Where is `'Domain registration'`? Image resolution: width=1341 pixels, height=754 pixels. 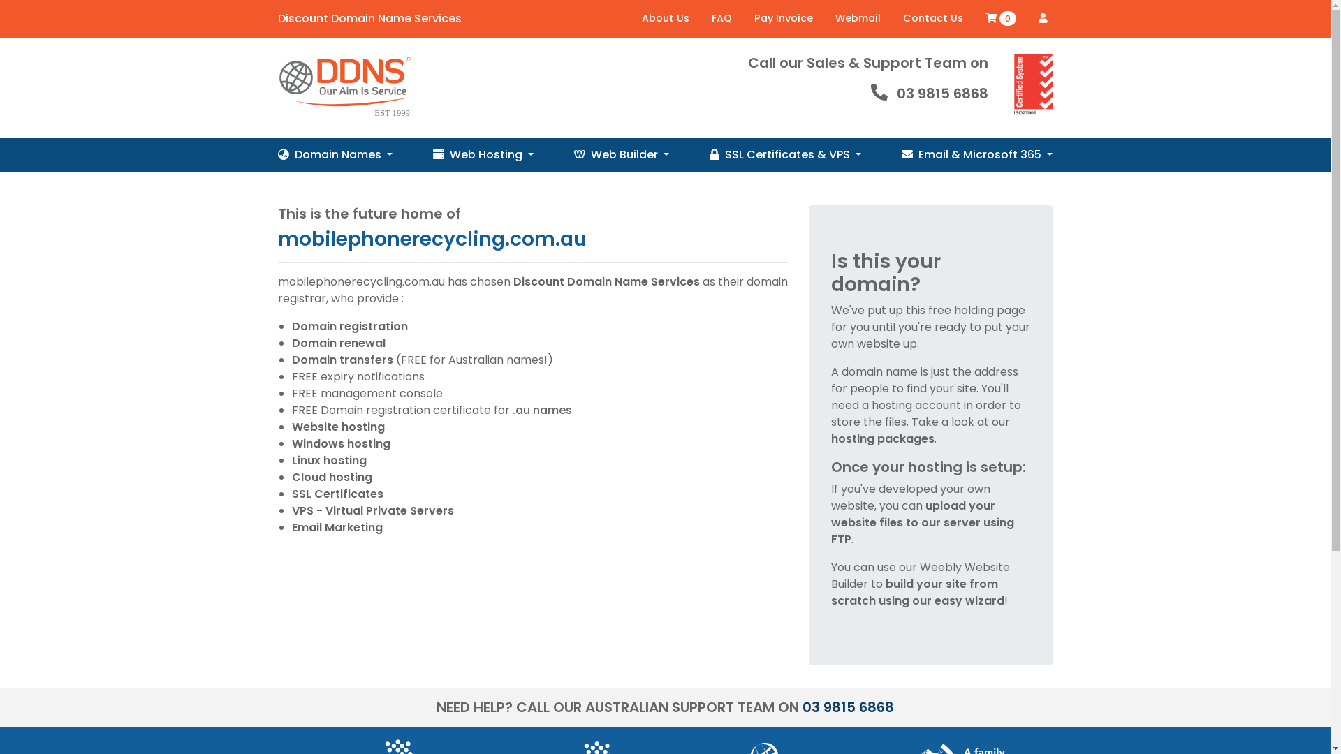
'Domain registration' is located at coordinates (349, 326).